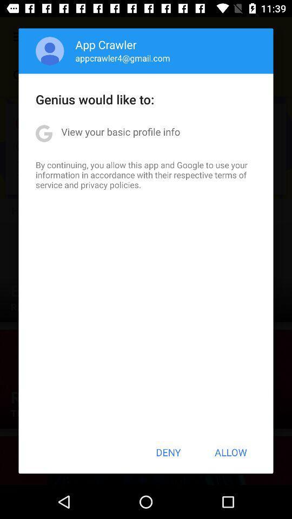 This screenshot has width=292, height=519. What do you see at coordinates (168, 452) in the screenshot?
I see `the deny item` at bounding box center [168, 452].